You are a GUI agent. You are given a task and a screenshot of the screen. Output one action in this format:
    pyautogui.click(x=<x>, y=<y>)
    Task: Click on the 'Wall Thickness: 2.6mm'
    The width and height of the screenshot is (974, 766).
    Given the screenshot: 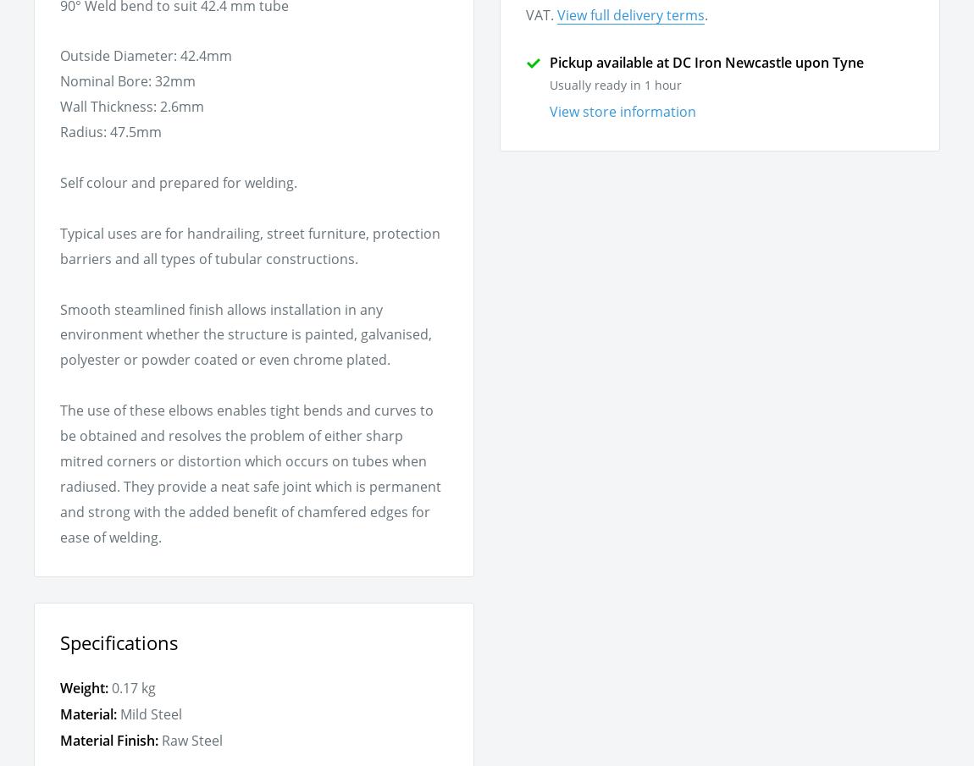 What is the action you would take?
    pyautogui.click(x=131, y=105)
    